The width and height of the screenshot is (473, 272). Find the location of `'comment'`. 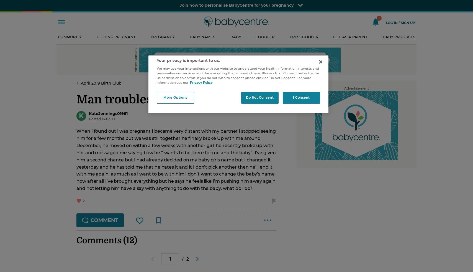

'comment' is located at coordinates (91, 219).